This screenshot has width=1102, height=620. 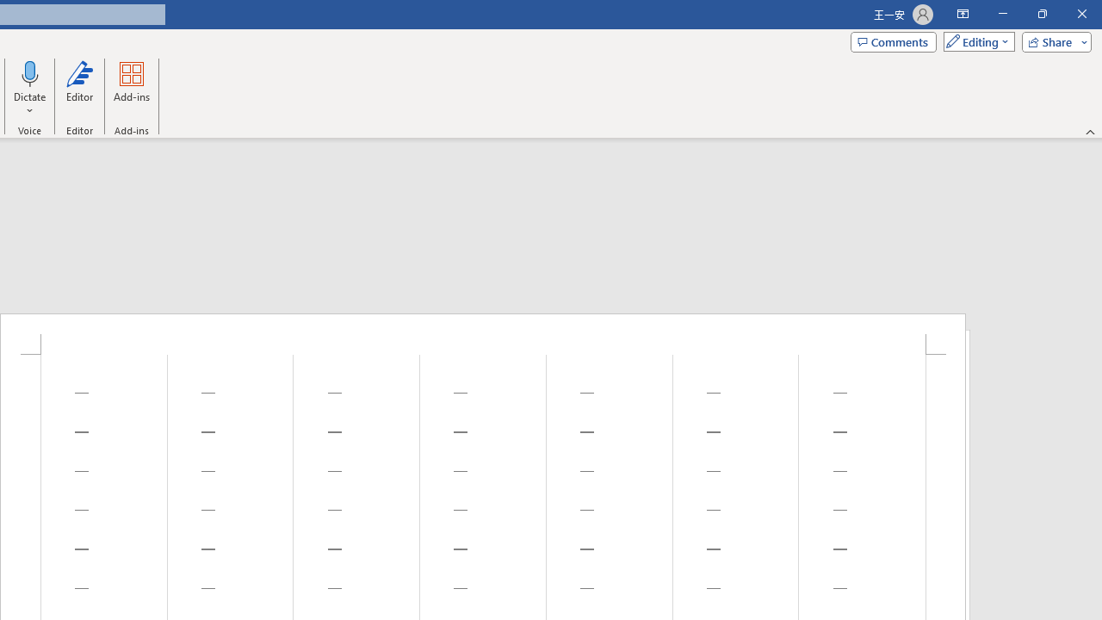 What do you see at coordinates (30, 72) in the screenshot?
I see `'Dictate'` at bounding box center [30, 72].